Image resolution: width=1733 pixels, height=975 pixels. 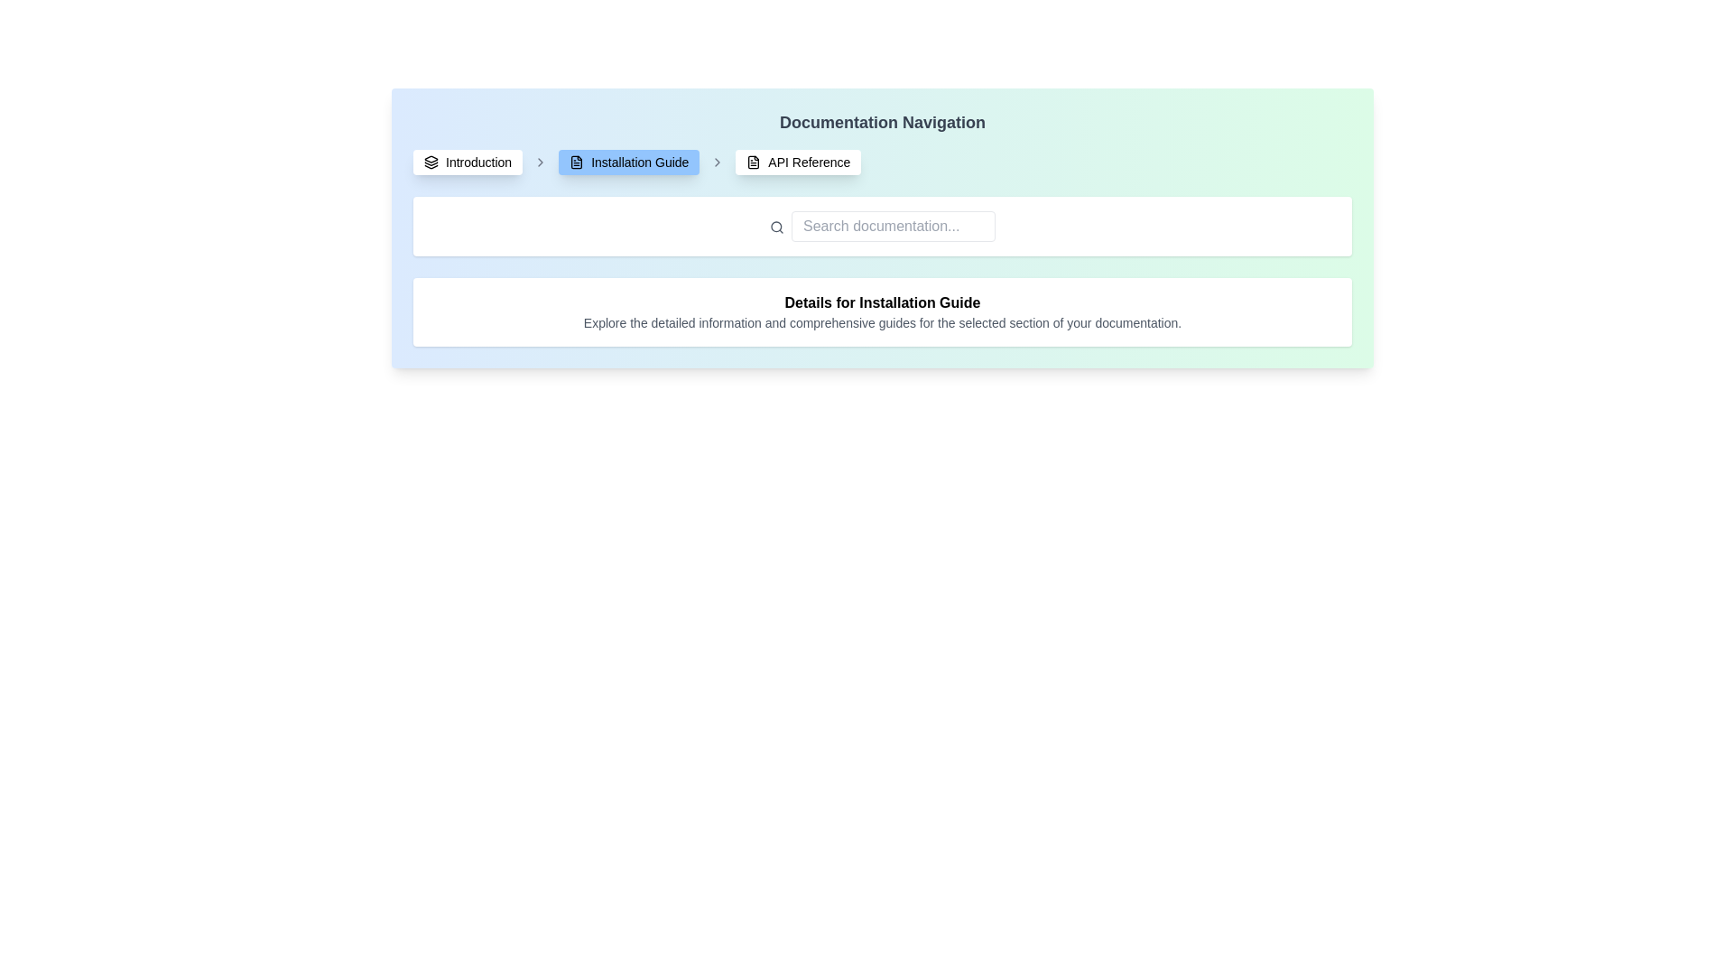 What do you see at coordinates (893, 225) in the screenshot?
I see `the search input field located within the white rectangular area, to the right of the magnifying glass icon, to focus the input` at bounding box center [893, 225].